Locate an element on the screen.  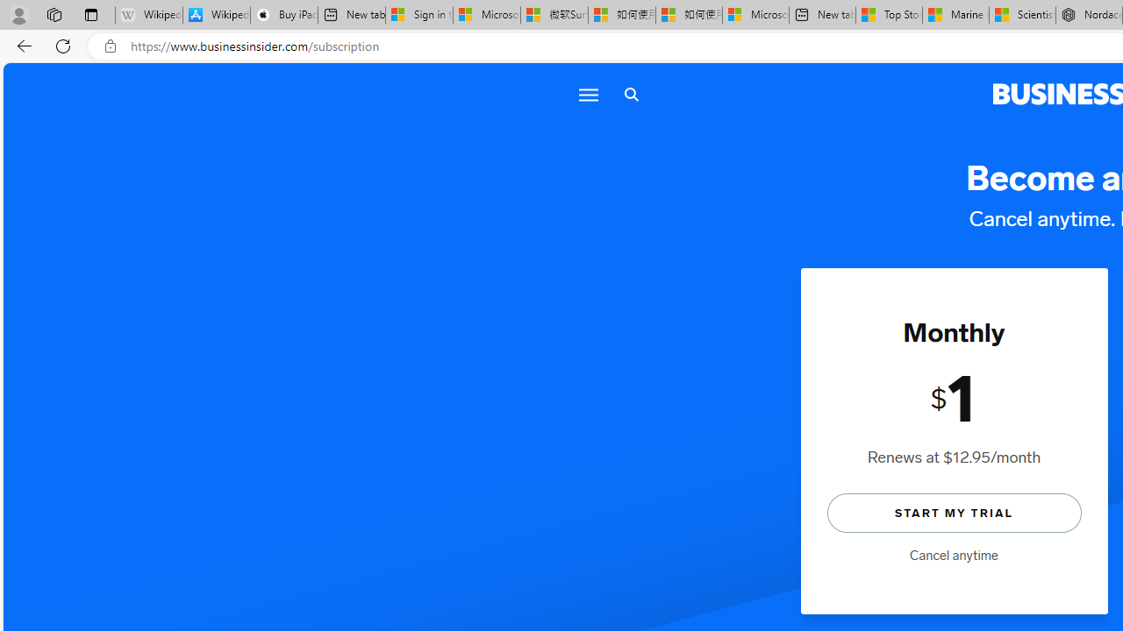
'Go to the search page.' is located at coordinates (631, 95).